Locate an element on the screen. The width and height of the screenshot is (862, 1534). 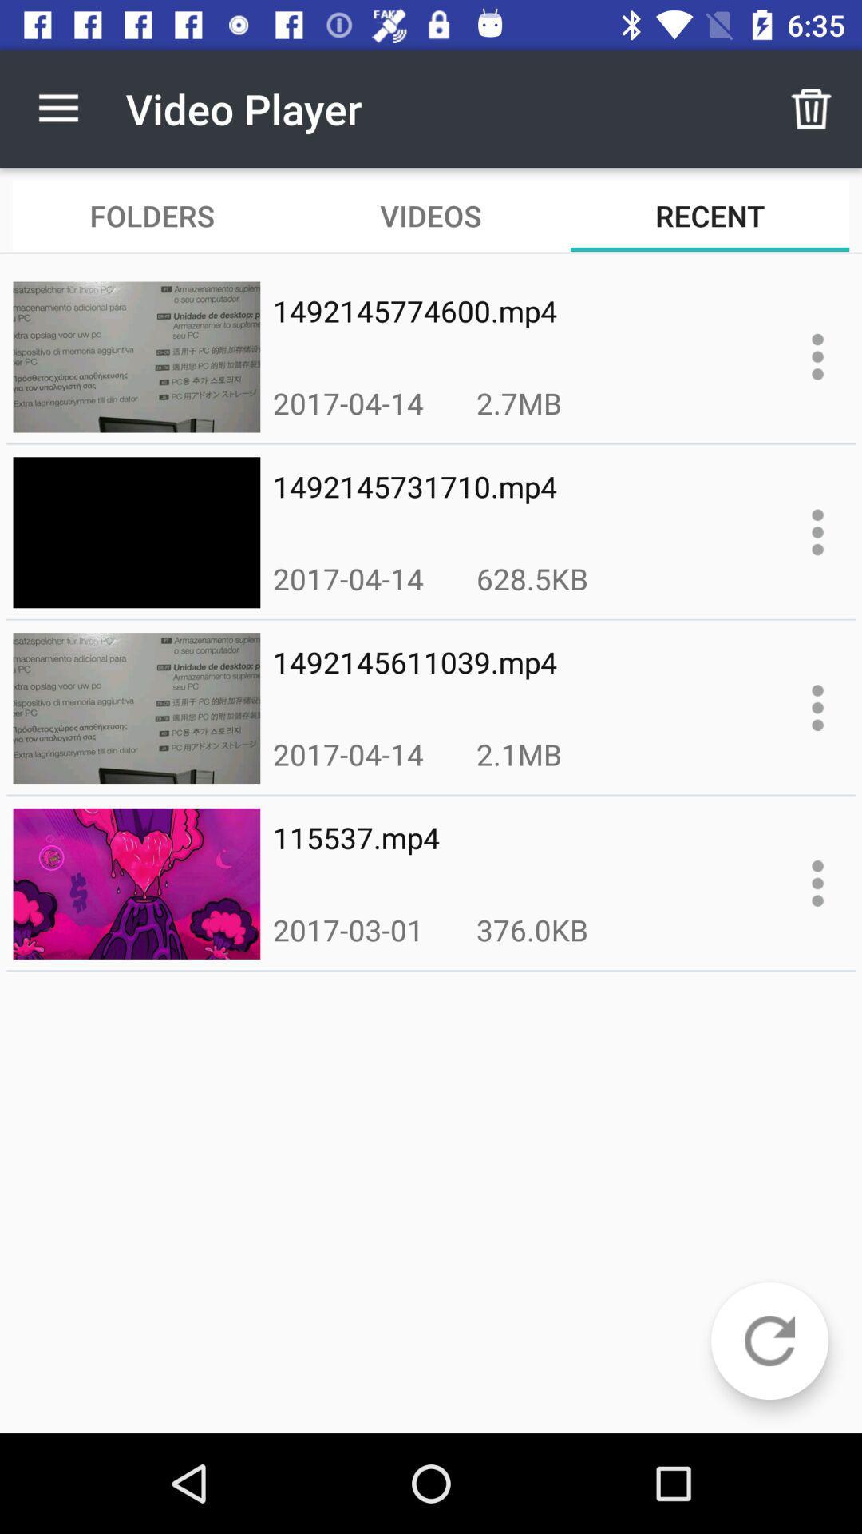
the item next to 2017-03-01 item is located at coordinates (532, 929).